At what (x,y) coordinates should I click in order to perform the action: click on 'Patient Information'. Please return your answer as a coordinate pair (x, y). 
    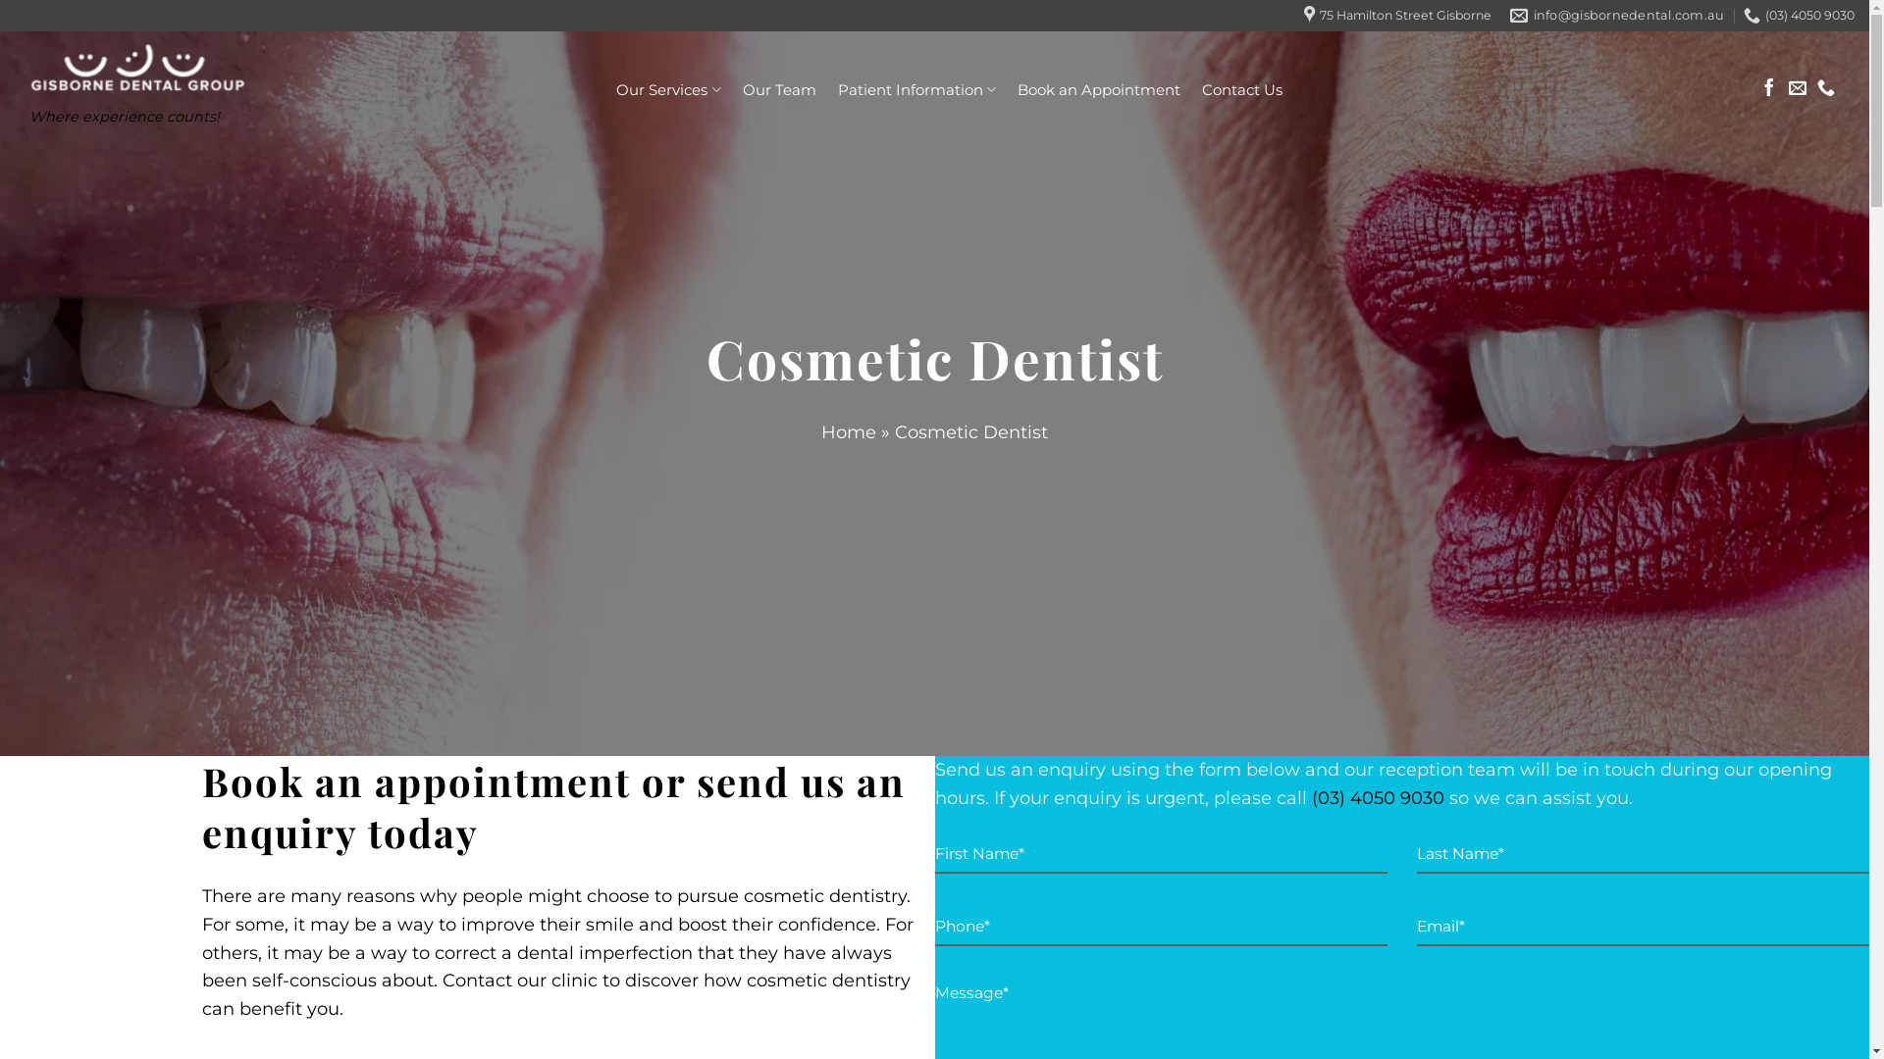
    Looking at the image, I should click on (916, 89).